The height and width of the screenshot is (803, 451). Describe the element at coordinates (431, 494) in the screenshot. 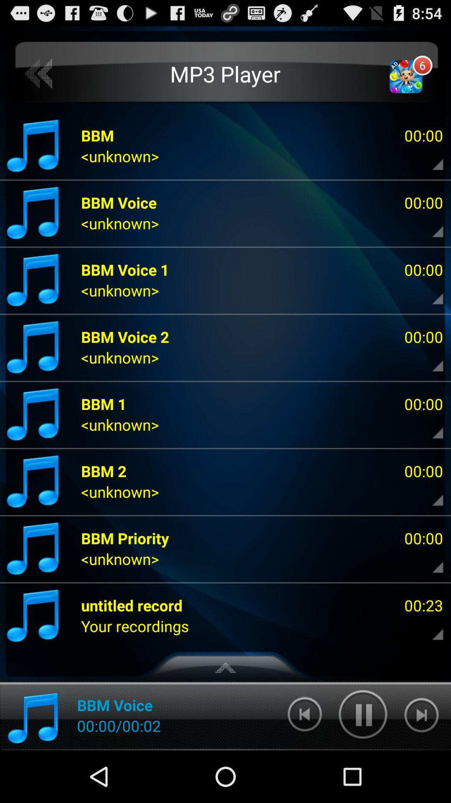

I see `menu` at that location.